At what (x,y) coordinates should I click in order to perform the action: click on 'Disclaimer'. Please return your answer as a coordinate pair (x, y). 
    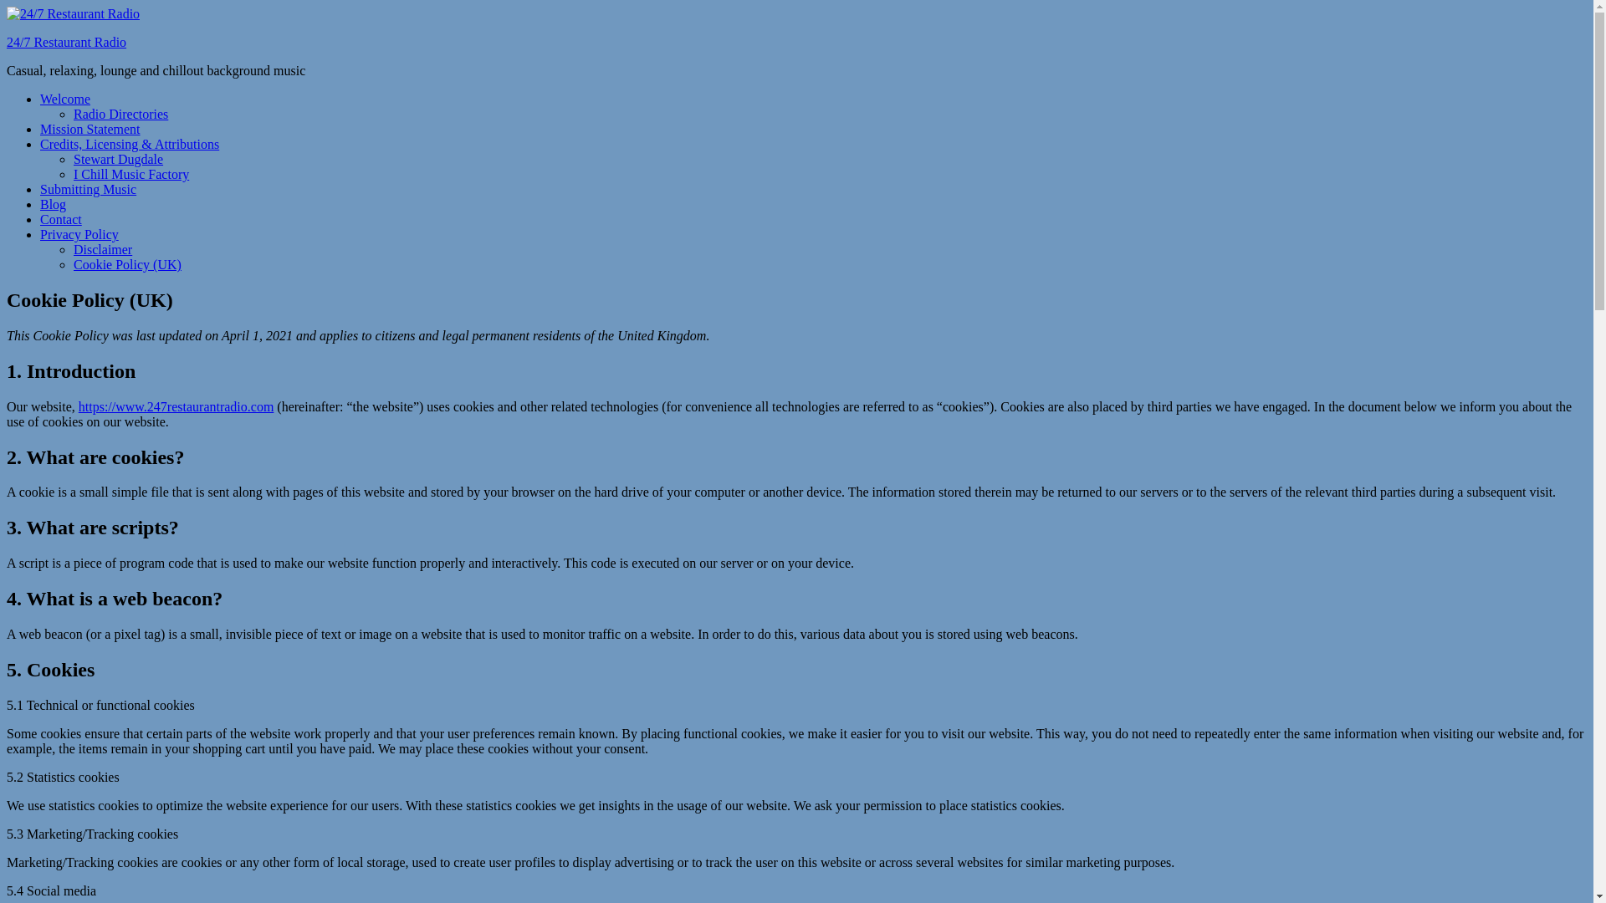
    Looking at the image, I should click on (102, 249).